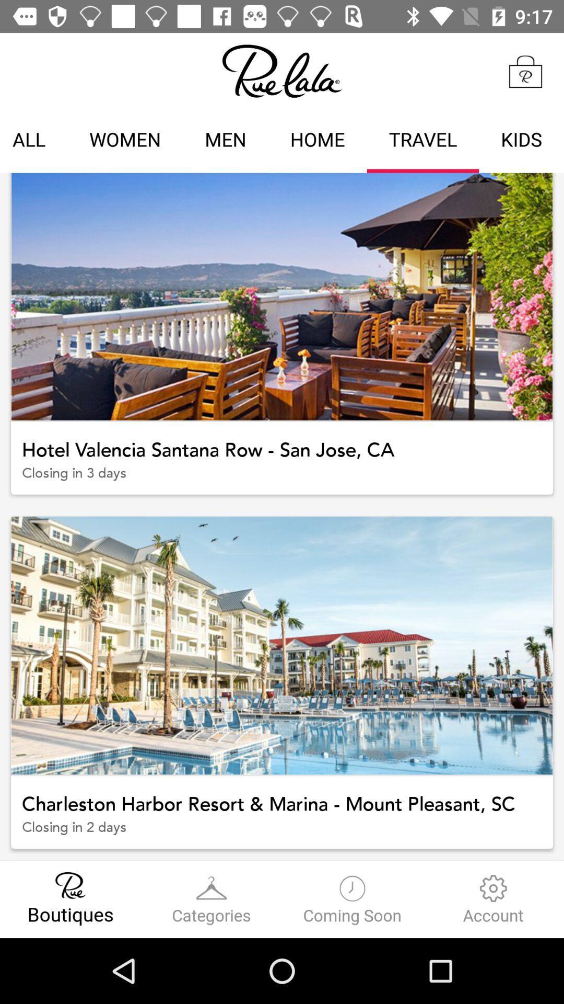 Image resolution: width=564 pixels, height=1004 pixels. I want to click on the item to the left of the kids item, so click(423, 141).